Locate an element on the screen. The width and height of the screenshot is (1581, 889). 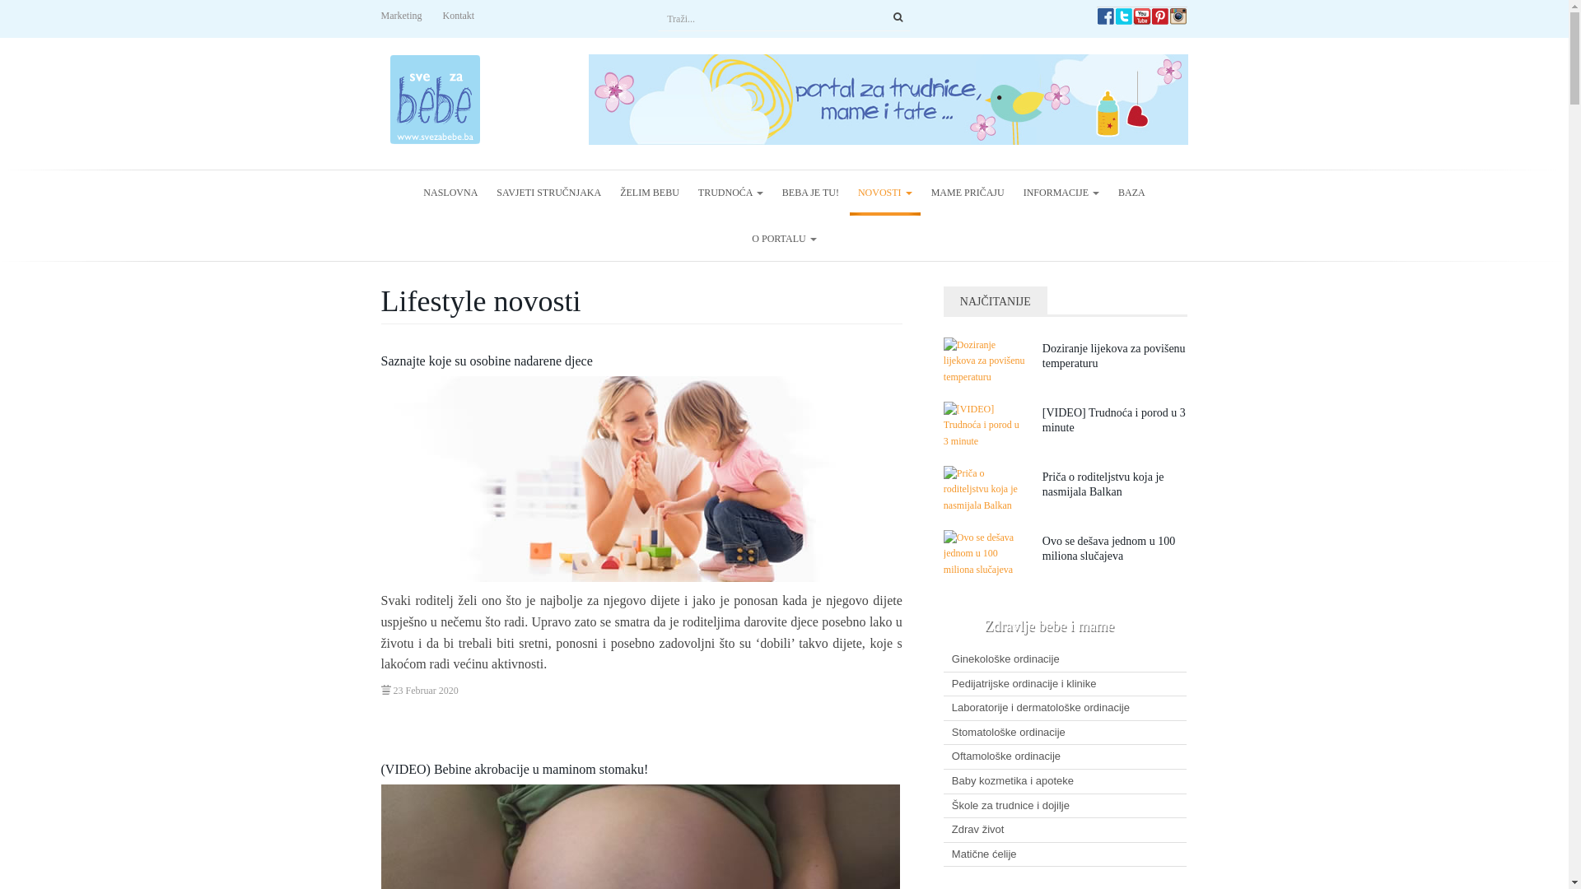
'BEBA JE TU!' is located at coordinates (810, 192).